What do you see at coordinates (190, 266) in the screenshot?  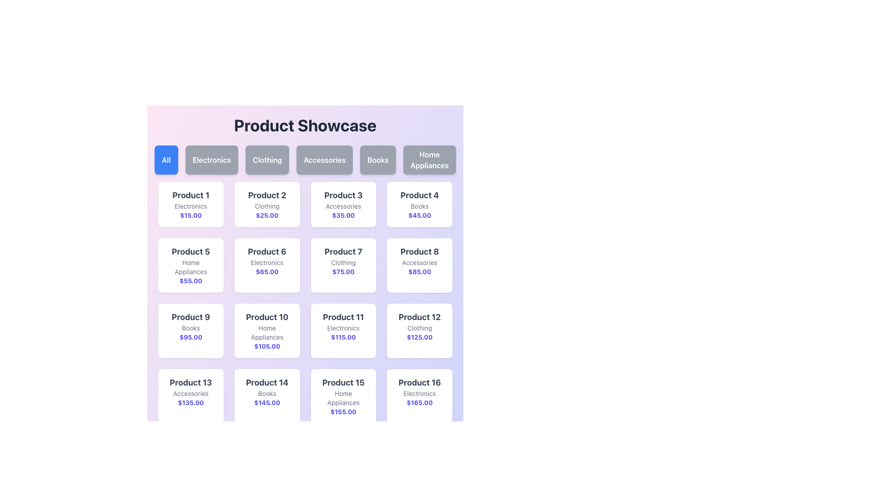 I see `the text label located below the title 'Product 5' and above the price '$55.00' in the product card` at bounding box center [190, 266].